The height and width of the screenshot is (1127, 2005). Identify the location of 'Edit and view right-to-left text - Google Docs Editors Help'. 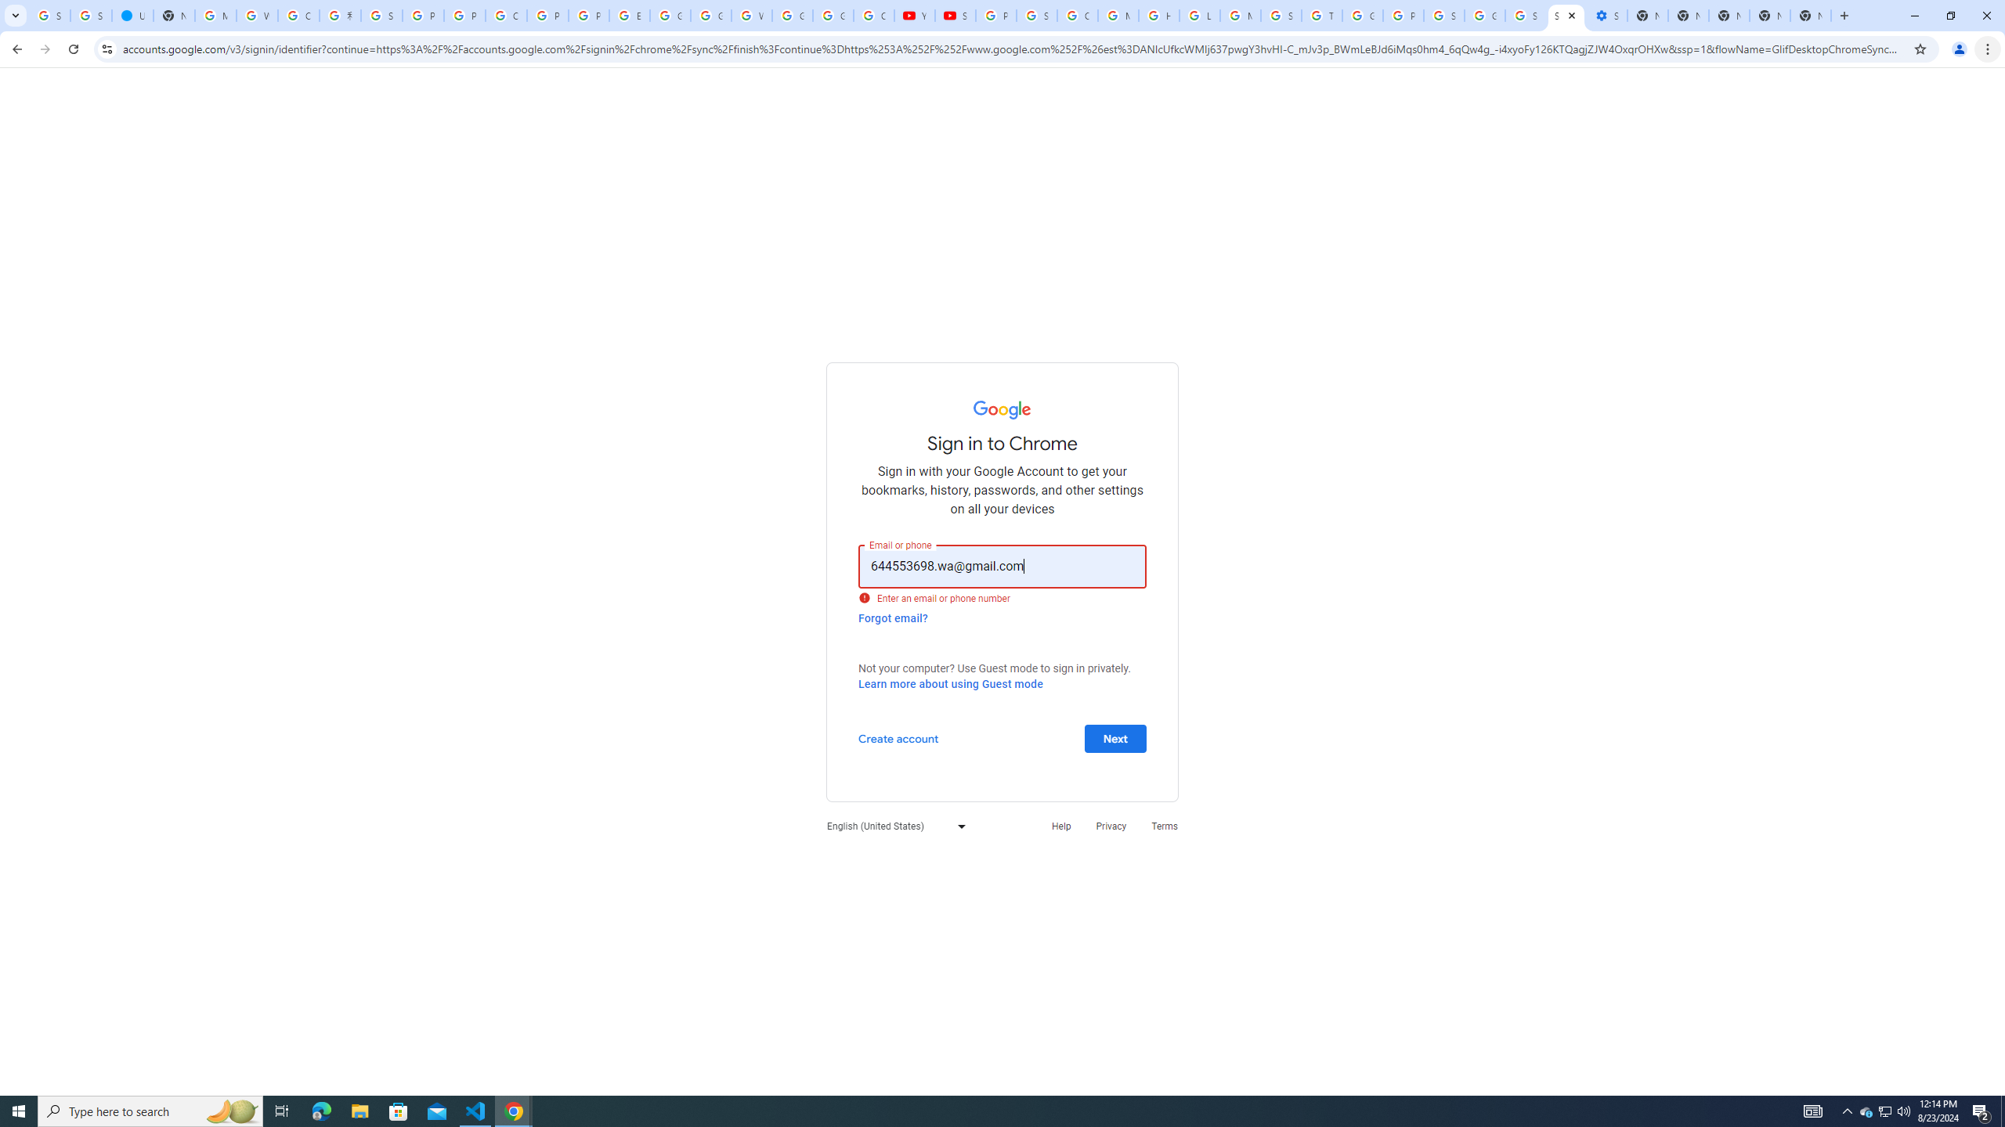
(629, 15).